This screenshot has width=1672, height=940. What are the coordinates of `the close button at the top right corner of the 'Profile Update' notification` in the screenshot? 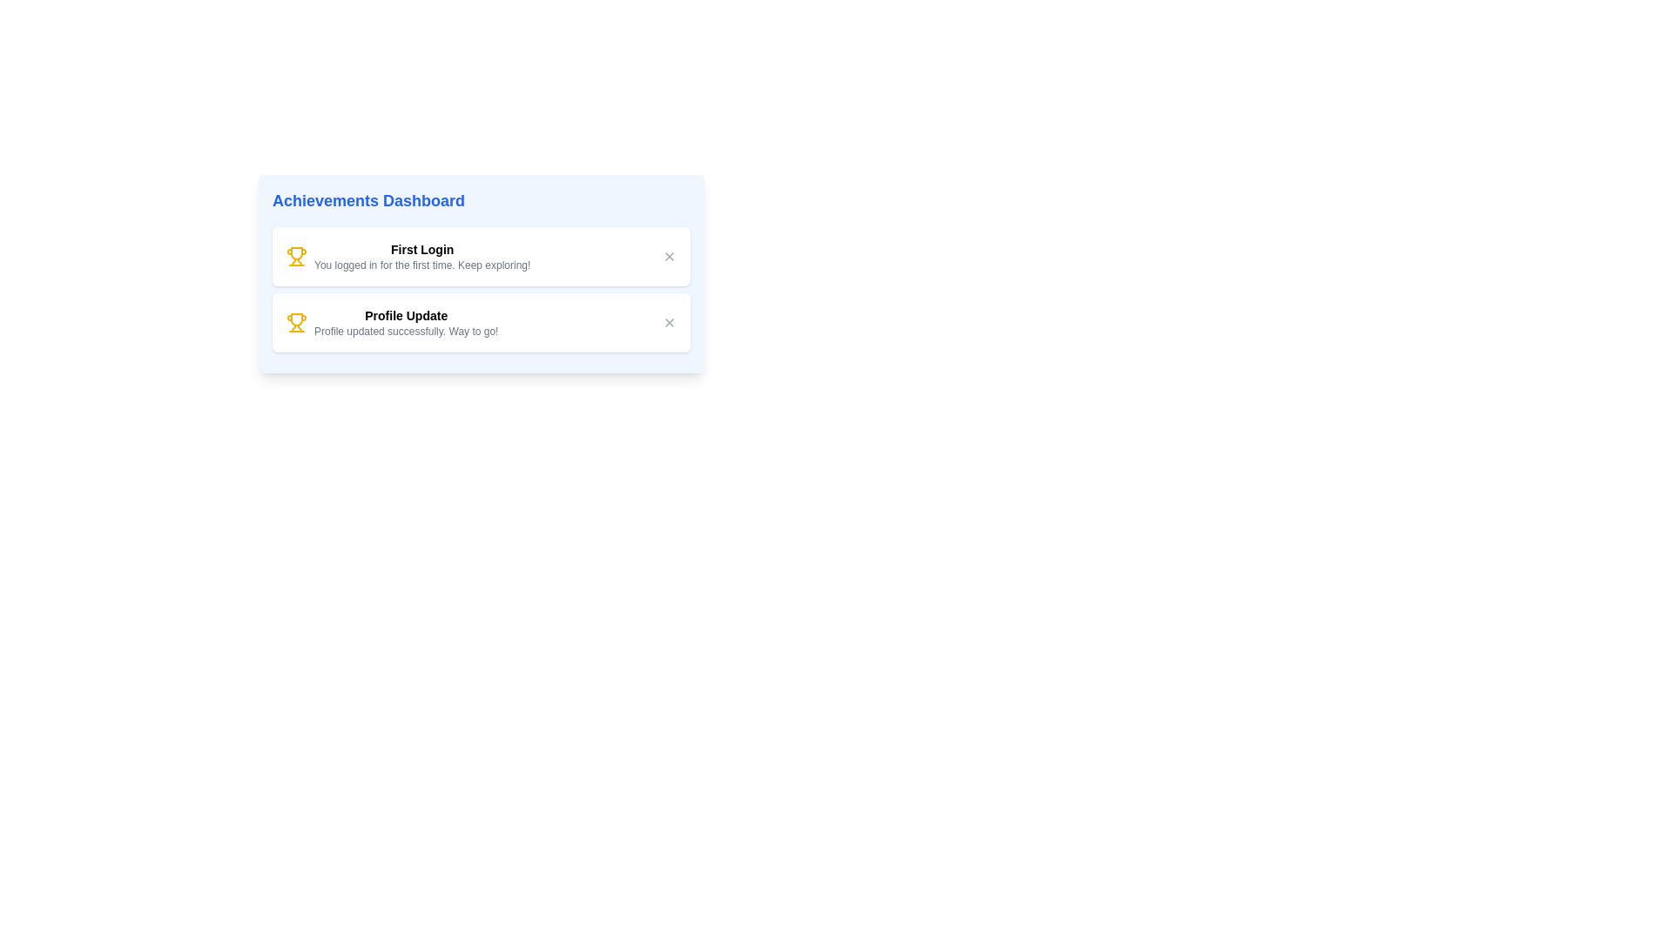 It's located at (668, 322).